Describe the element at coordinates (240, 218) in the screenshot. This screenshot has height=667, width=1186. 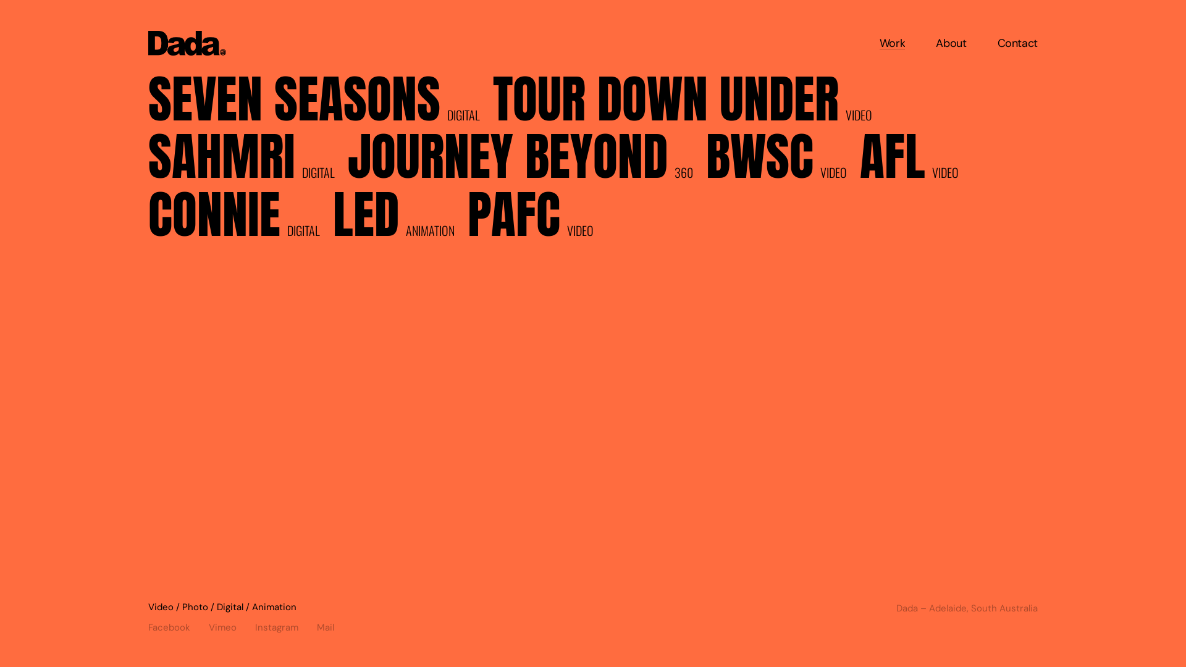
I see `'CONNIE DIGITAL'` at that location.